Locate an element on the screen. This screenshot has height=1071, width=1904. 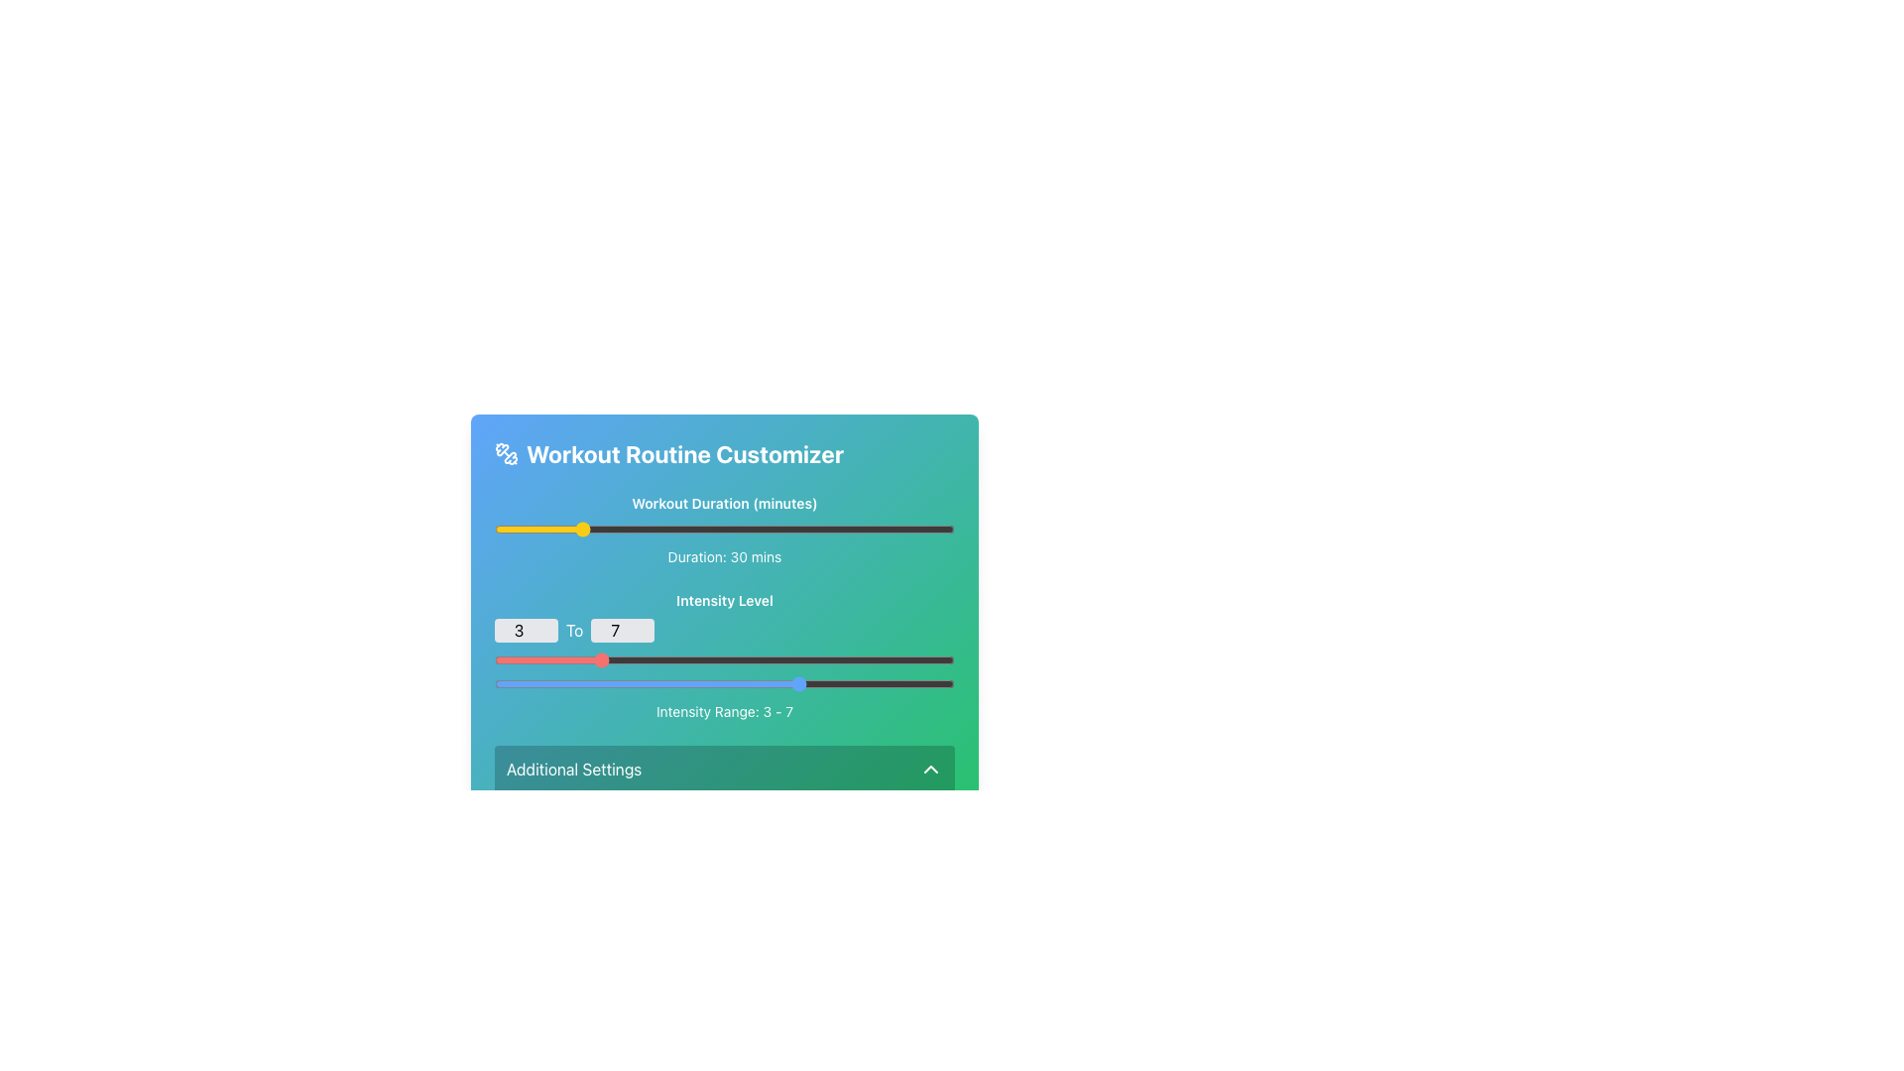
the thumb of the horizontal slider with a red track, which is positioned at approximately one-third of the track from the left, under the 'Intensity Level' label is located at coordinates (723, 660).